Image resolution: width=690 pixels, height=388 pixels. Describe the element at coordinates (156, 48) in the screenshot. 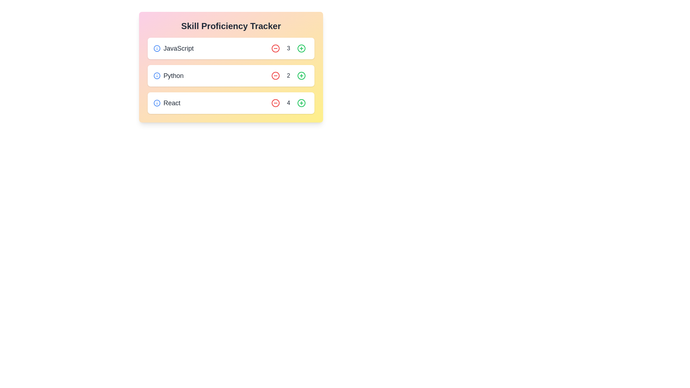

I see `the information icon for the skill JavaScript` at that location.